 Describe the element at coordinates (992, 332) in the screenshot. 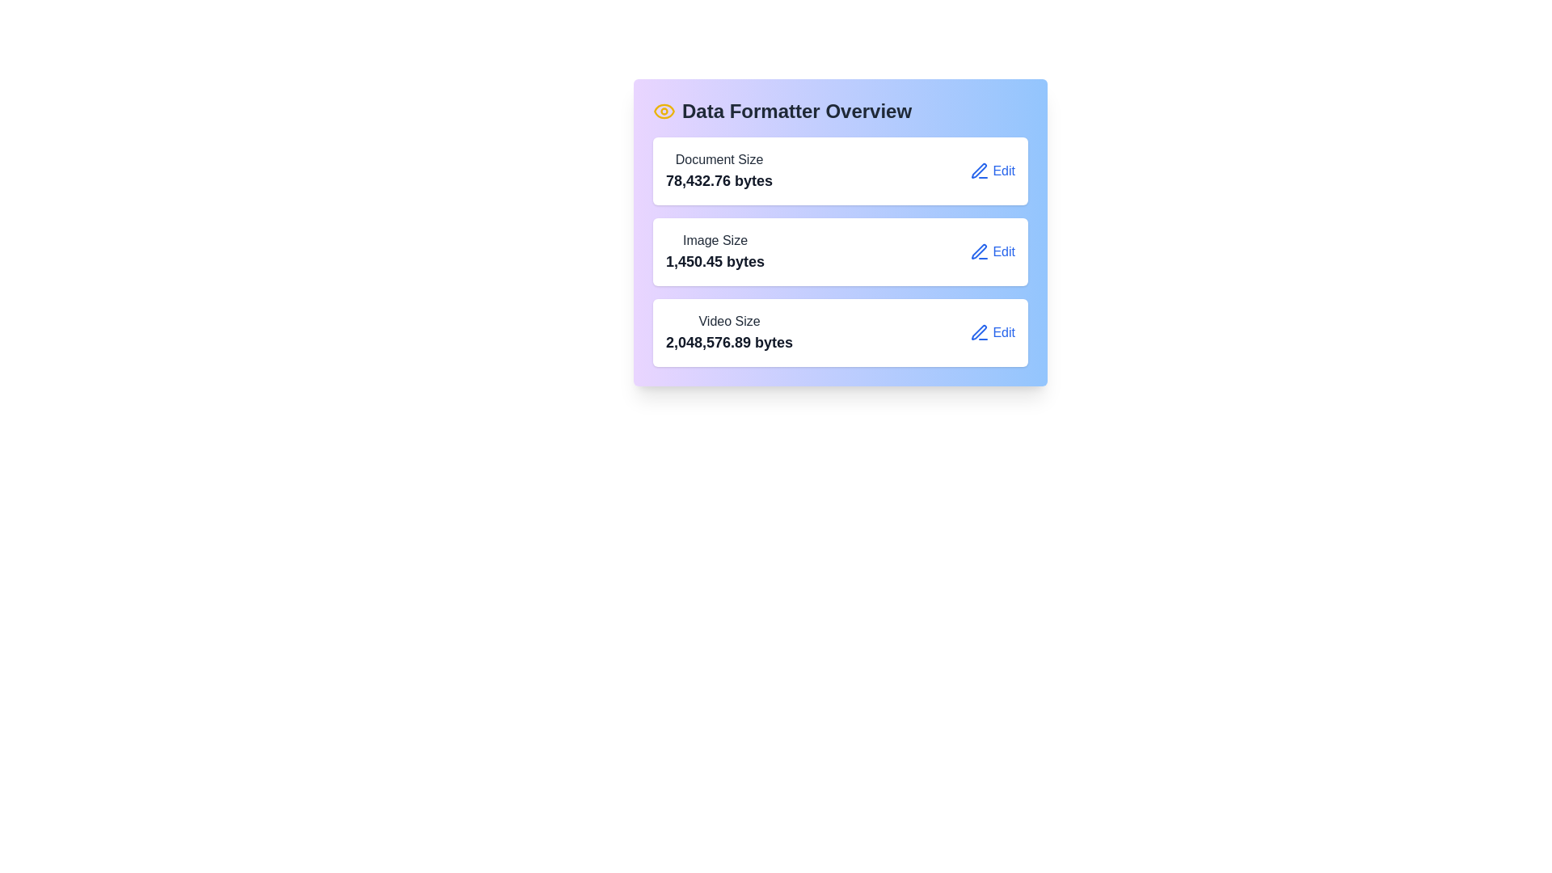

I see `the blue 'Edit' button with a pen icon, located in the 'Video Size' section, to alter its appearance` at that location.